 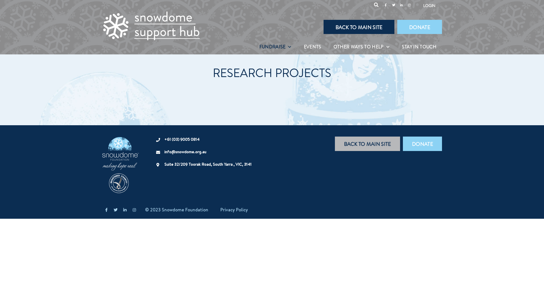 I want to click on 'EVENTS', so click(x=297, y=46).